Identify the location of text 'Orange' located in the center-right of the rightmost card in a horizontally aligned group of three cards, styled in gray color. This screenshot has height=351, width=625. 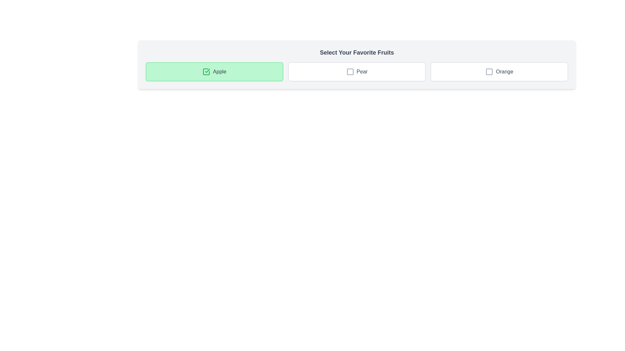
(504, 71).